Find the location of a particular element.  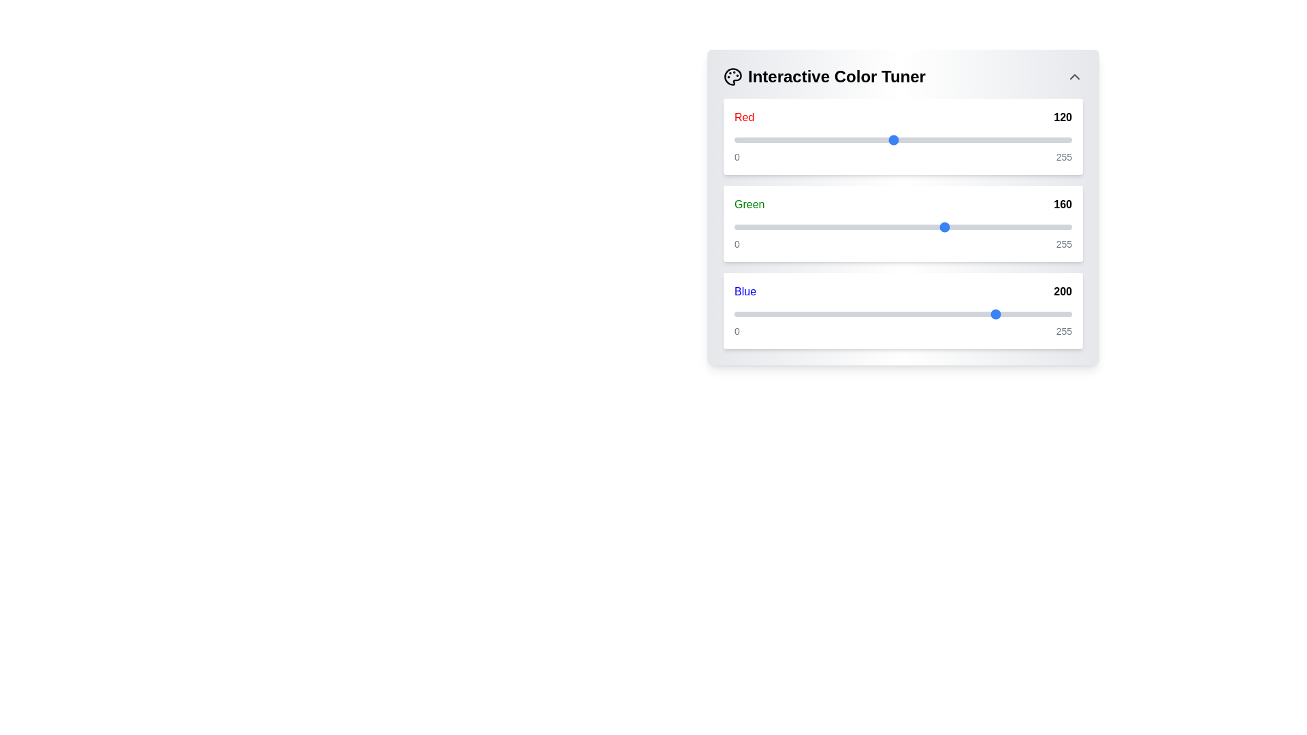

the green color intensity is located at coordinates (1011, 227).